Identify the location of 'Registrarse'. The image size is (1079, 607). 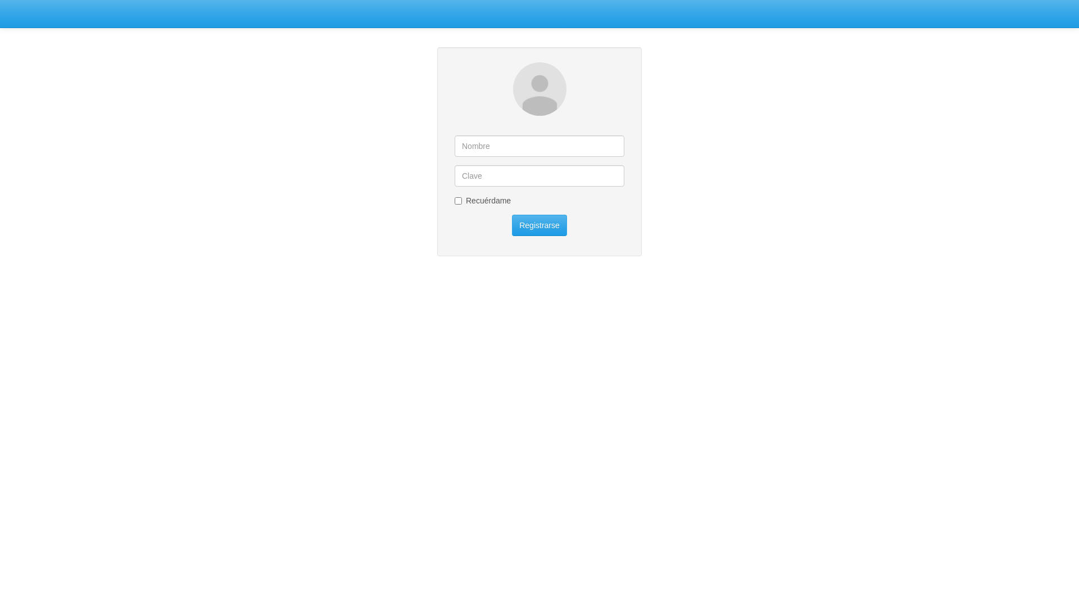
(539, 225).